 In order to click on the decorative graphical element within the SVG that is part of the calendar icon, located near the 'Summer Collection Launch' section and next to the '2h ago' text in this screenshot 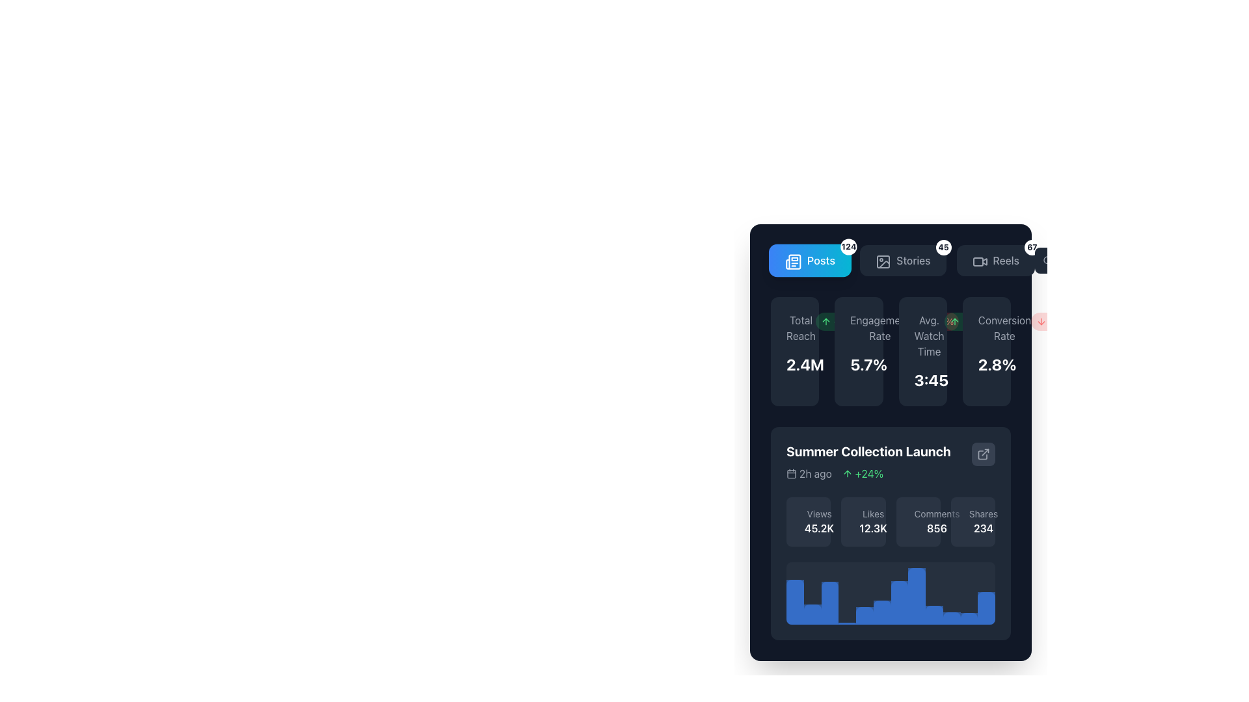, I will do `click(791, 474)`.